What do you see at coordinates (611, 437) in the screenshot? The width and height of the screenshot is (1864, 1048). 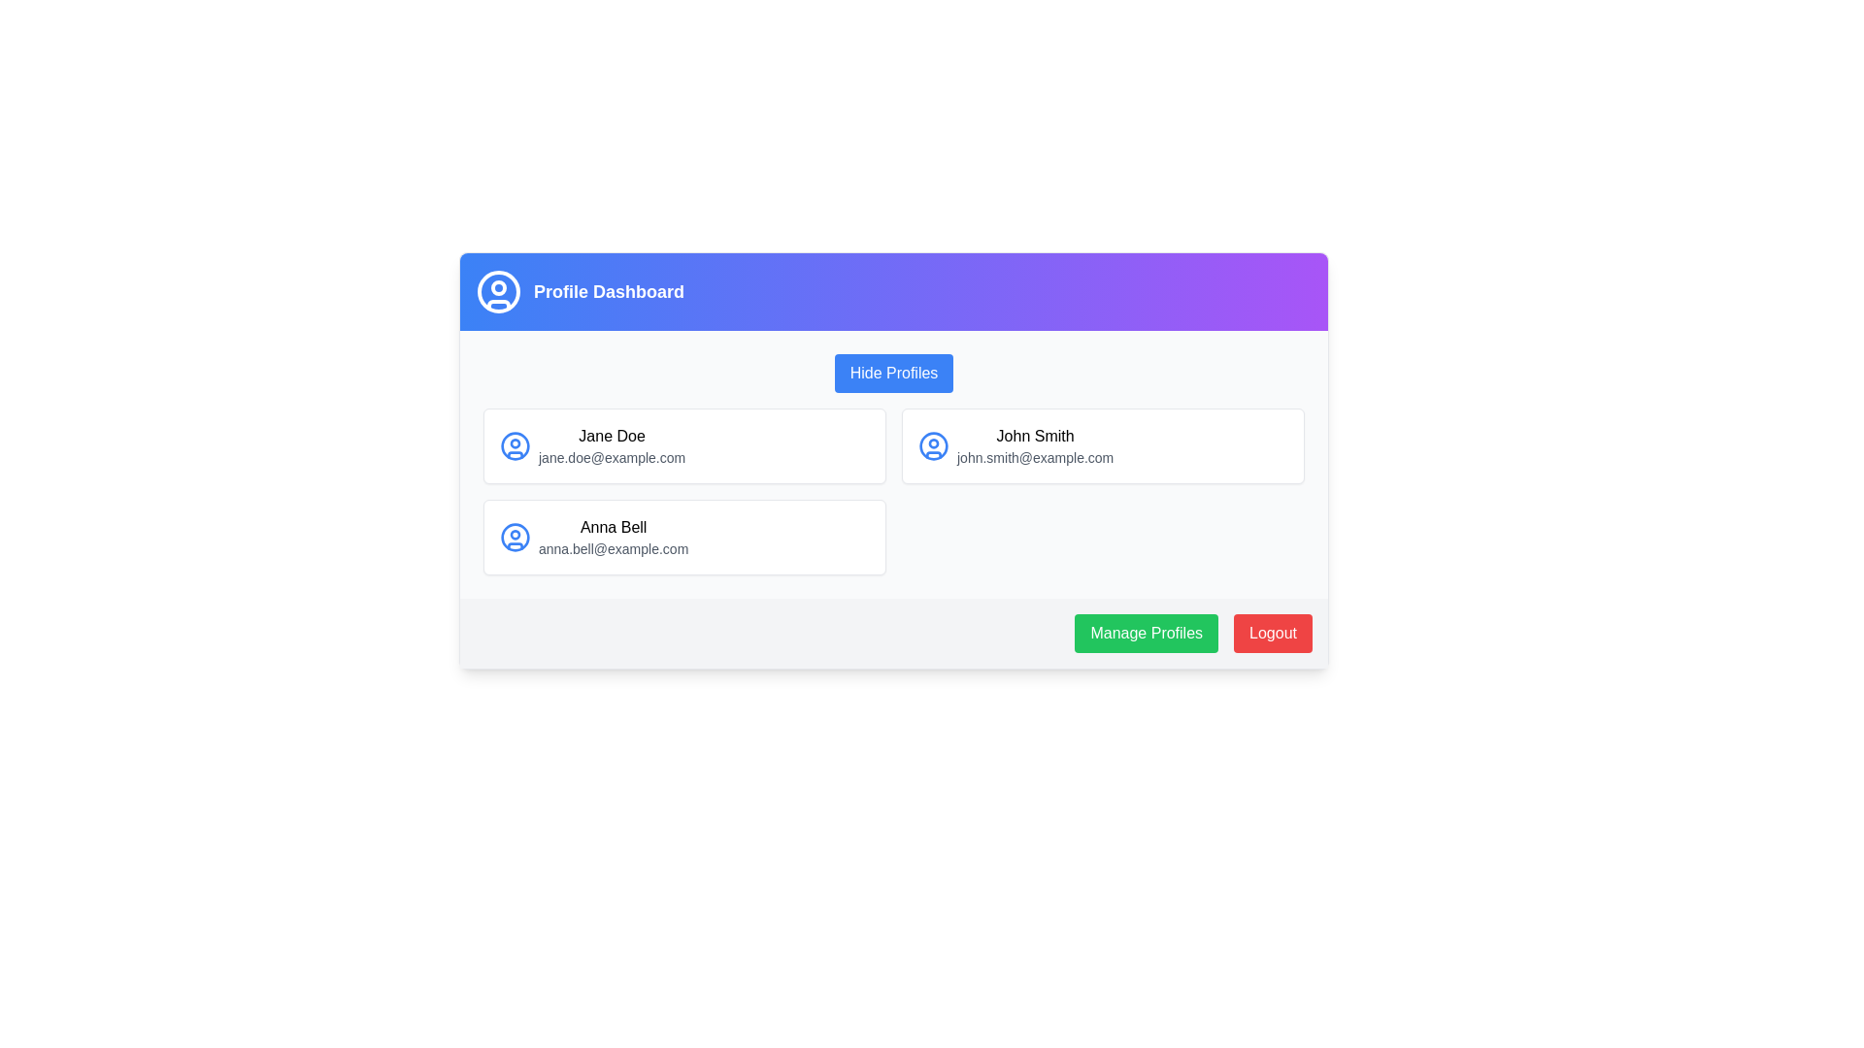 I see `the text label displaying the name 'Jane Doe' located in the top-left profile card under the 'Profile Dashboard' banner` at bounding box center [611, 437].